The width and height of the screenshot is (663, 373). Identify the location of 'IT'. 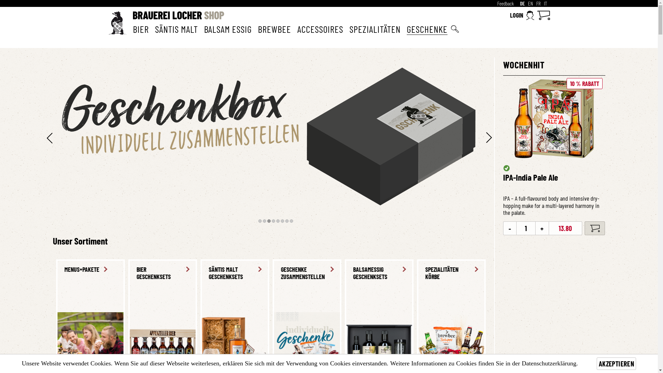
(543, 3).